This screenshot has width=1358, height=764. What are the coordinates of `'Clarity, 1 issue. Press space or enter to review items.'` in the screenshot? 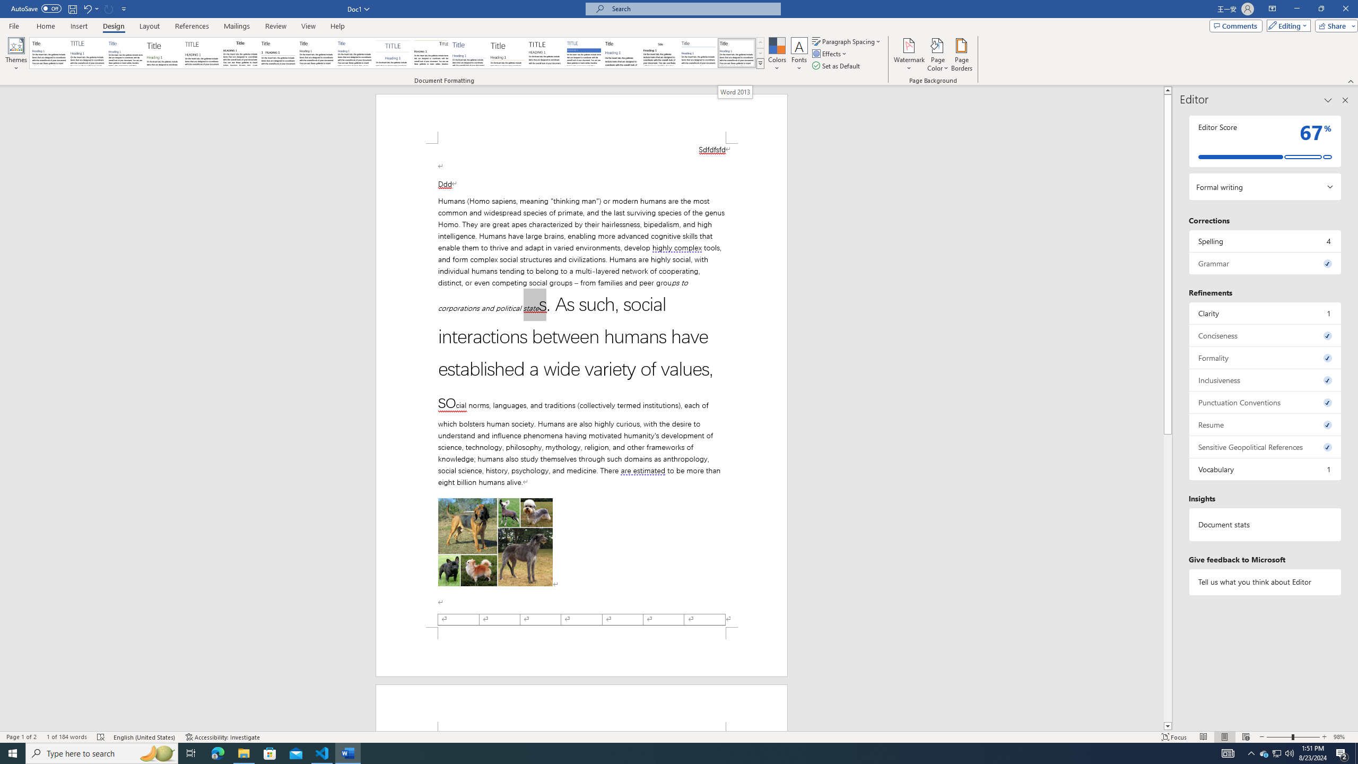 It's located at (1265, 312).